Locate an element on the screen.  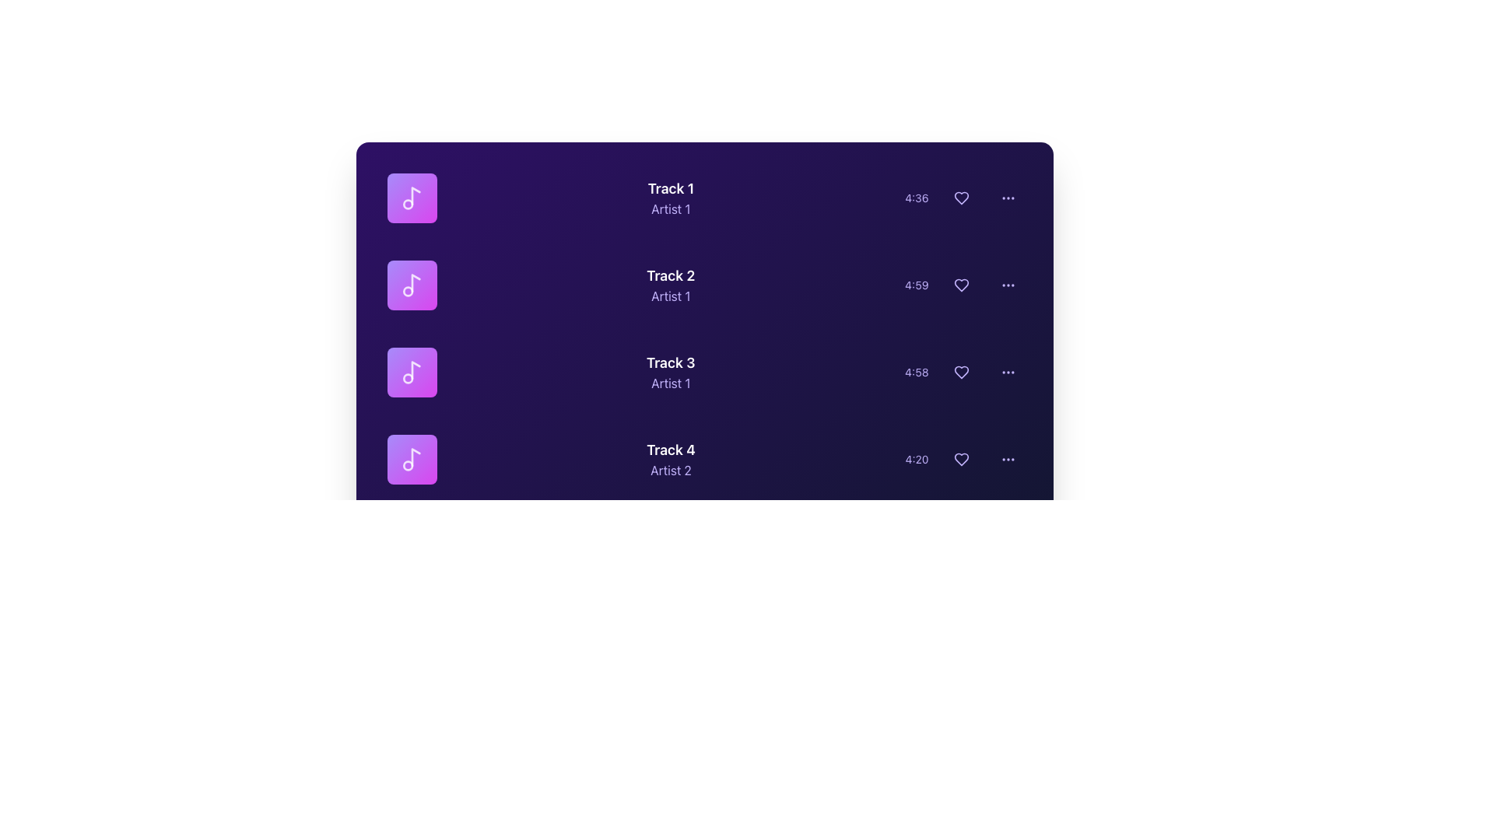
the text label indicating 'Artist 1' which is located below the 'Track 1' label in the music list is located at coordinates (671, 208).